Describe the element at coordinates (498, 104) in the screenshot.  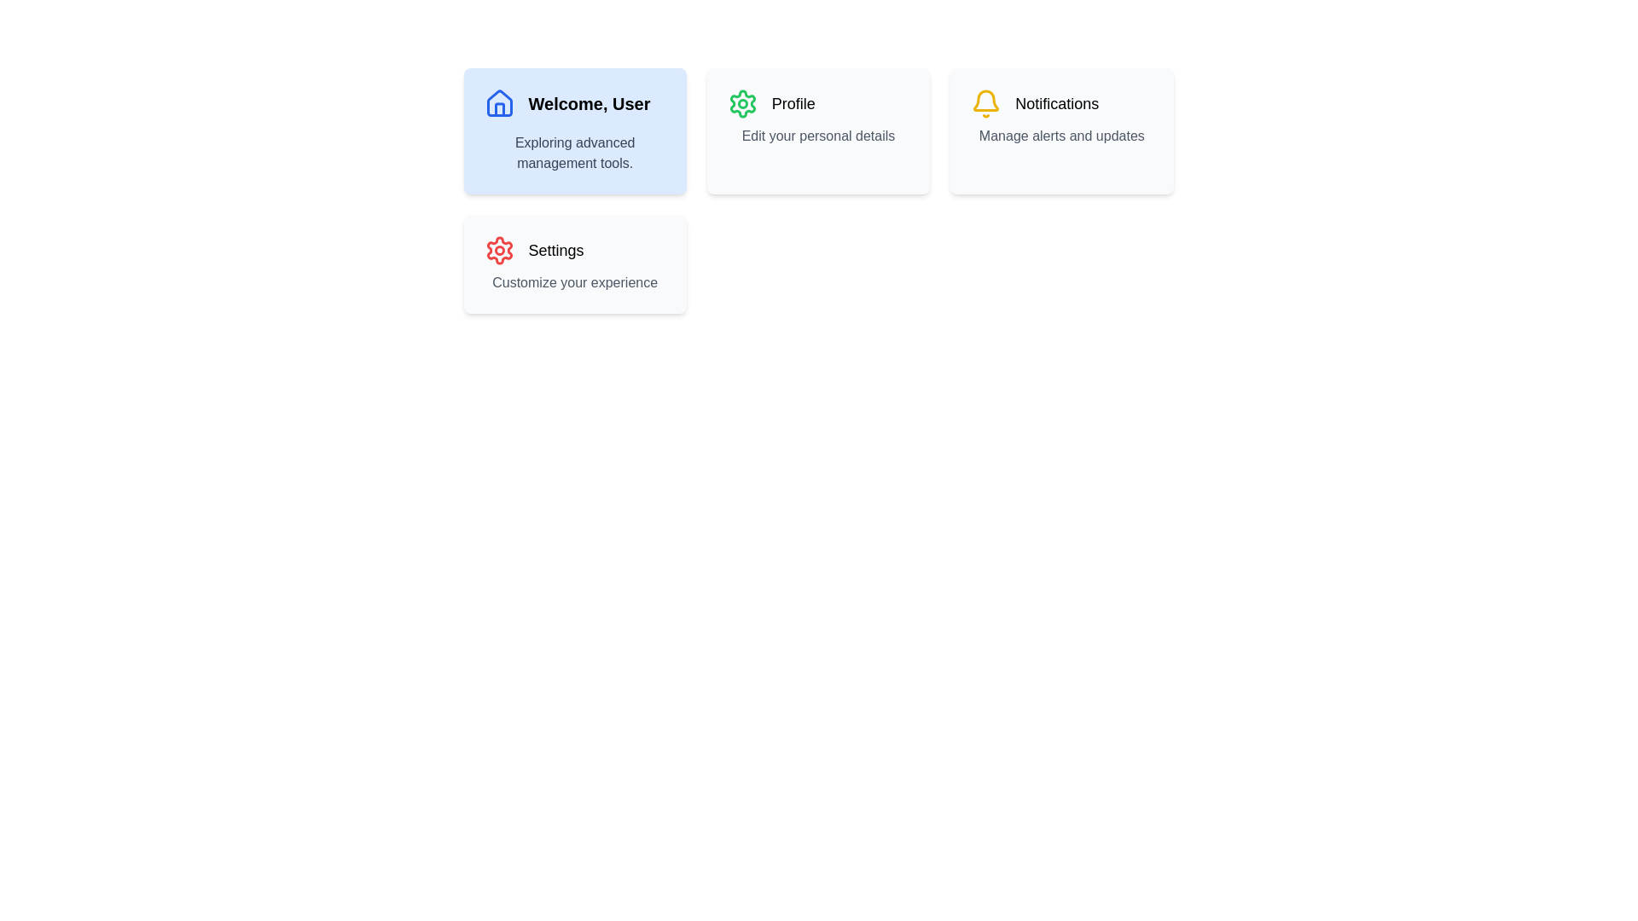
I see `the blue house icon, which is a simple outline style representation of a home, located to the left of the text 'Welcome, User'` at that location.